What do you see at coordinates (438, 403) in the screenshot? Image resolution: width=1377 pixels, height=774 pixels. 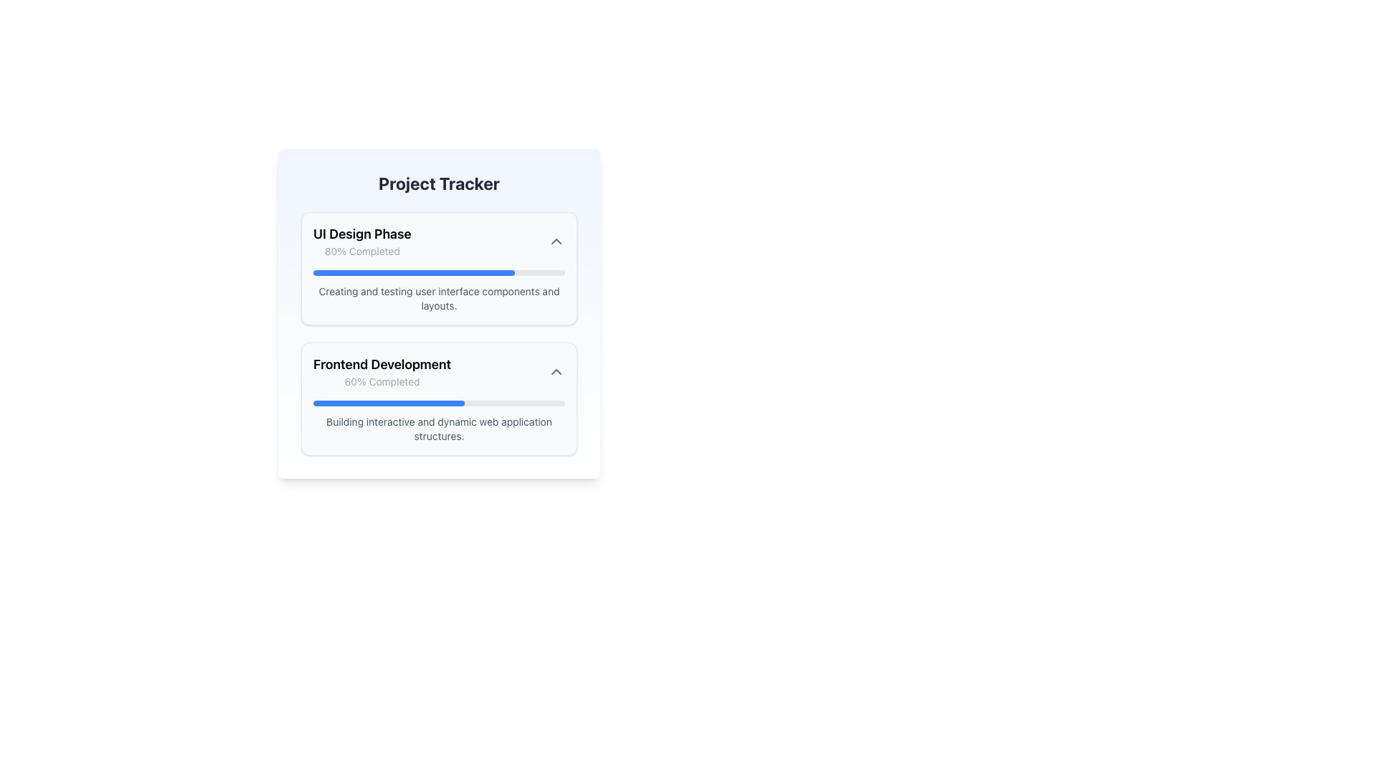 I see `the progress bar representing the completion status of the 'Frontend Development' task, which shows 60% progress and is located above the text 'Building interactive and dynamic web application structures.'` at bounding box center [438, 403].